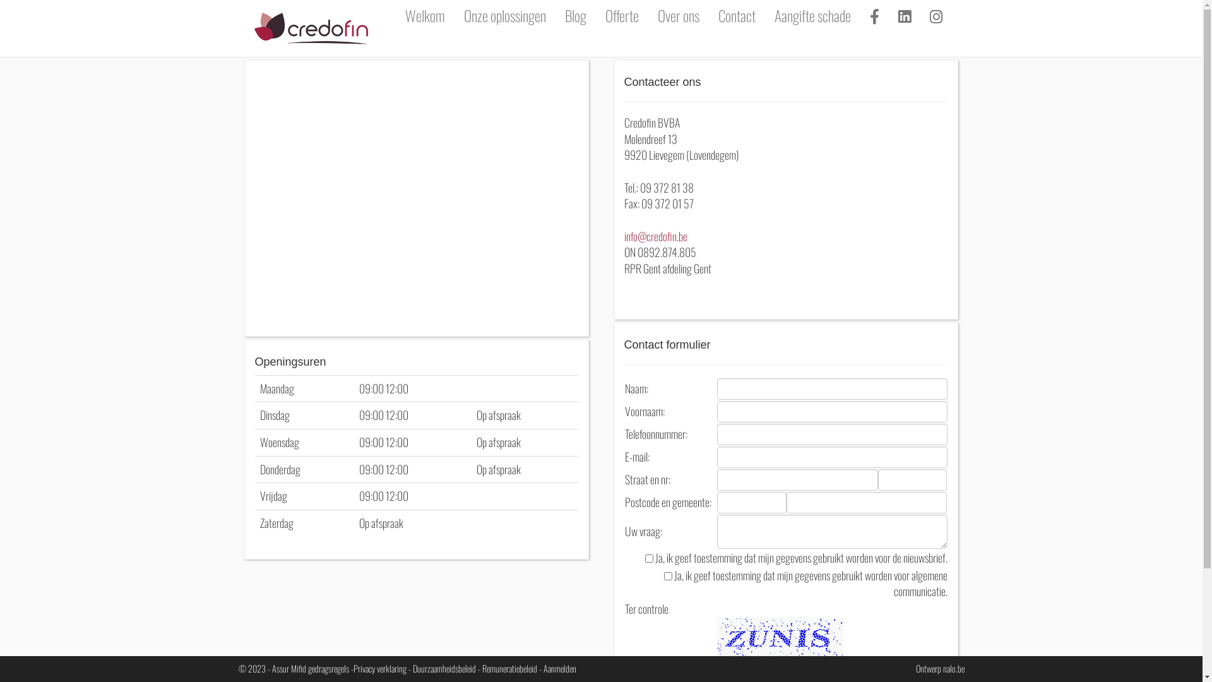 This screenshot has width=1212, height=682. What do you see at coordinates (444, 667) in the screenshot?
I see `'Duurzaamheidsbeleid'` at bounding box center [444, 667].